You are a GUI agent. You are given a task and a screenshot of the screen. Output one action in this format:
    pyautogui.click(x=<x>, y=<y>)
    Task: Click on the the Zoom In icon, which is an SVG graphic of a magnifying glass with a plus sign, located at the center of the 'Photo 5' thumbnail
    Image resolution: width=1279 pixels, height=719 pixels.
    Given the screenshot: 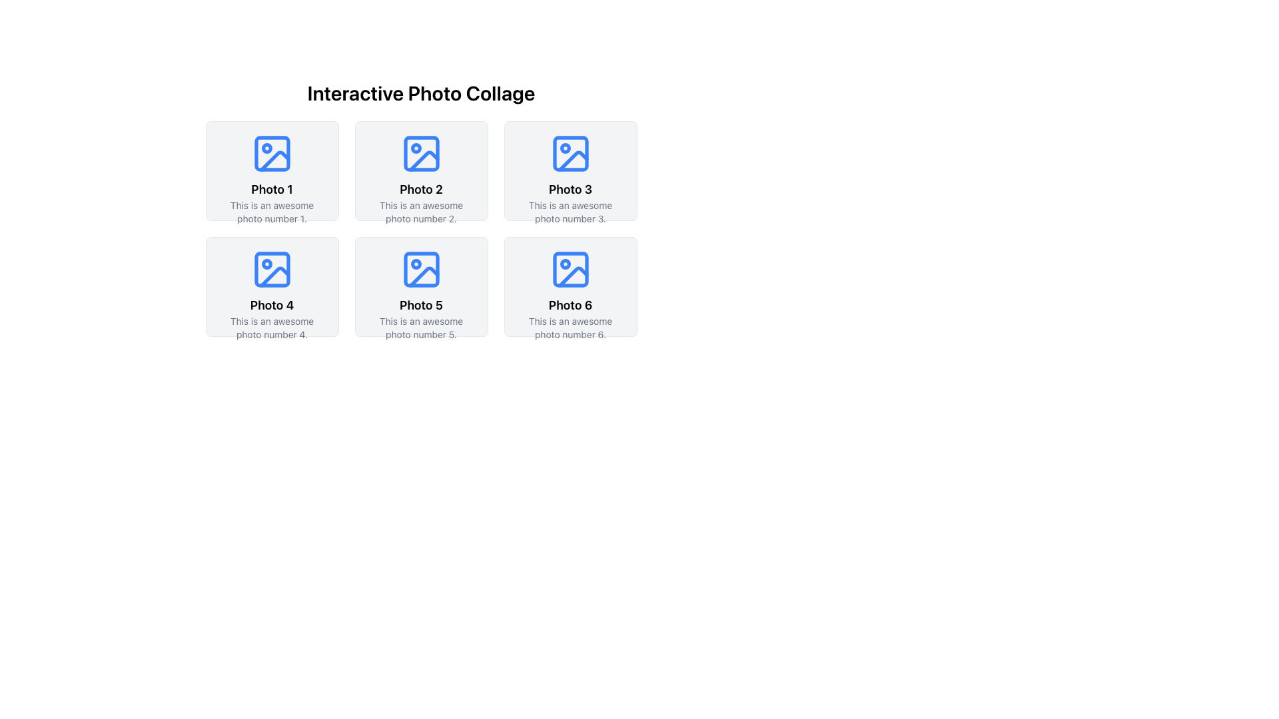 What is the action you would take?
    pyautogui.click(x=420, y=286)
    